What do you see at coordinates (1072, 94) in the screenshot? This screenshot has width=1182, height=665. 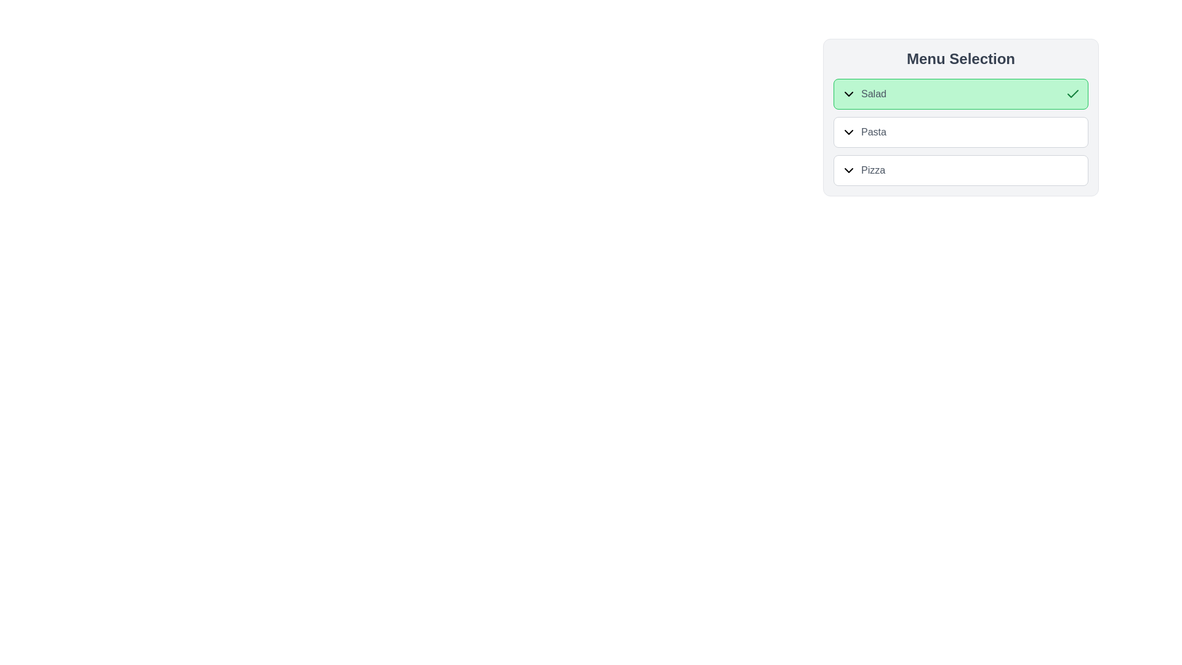 I see `the selection indicator icon for the 'Salad' menu option located on the right side of the row in the Menu Selection panel` at bounding box center [1072, 94].